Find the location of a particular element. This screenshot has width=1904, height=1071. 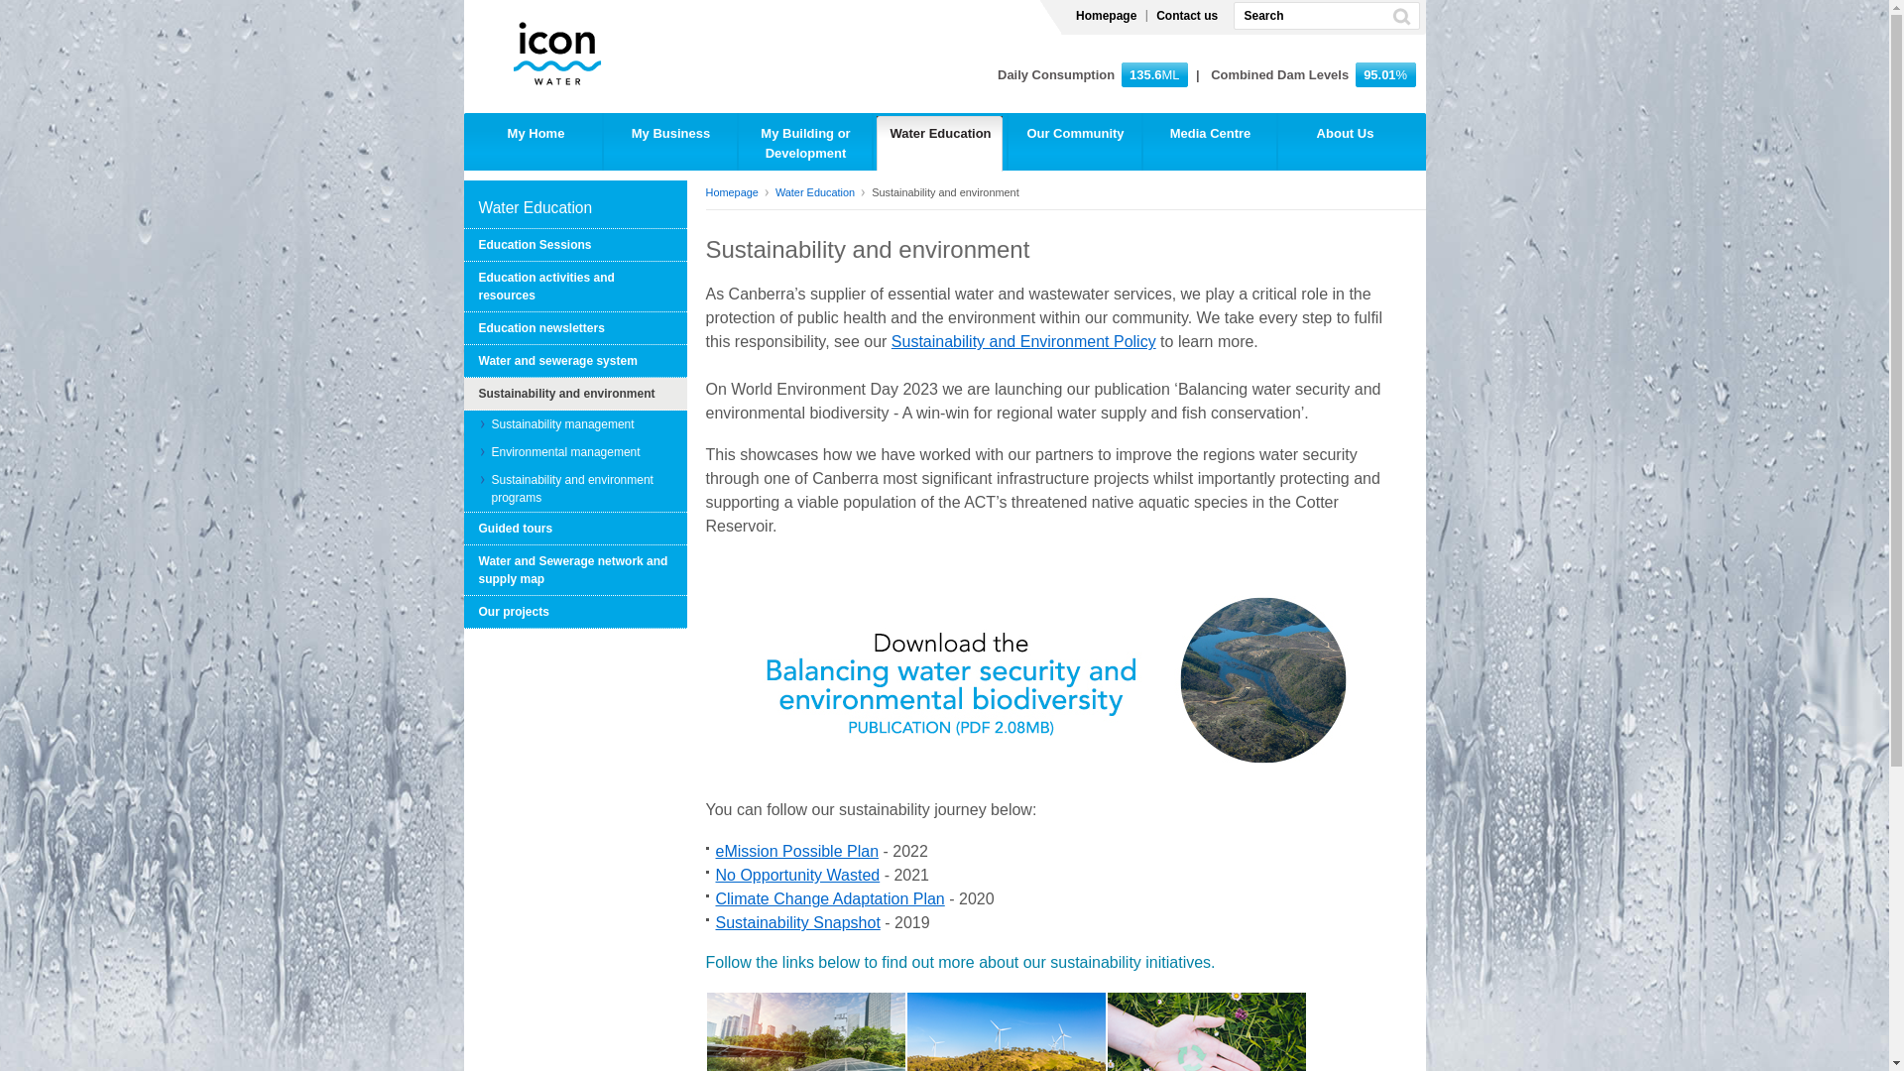

'Climate Change Adaptation Plan' is located at coordinates (830, 898).